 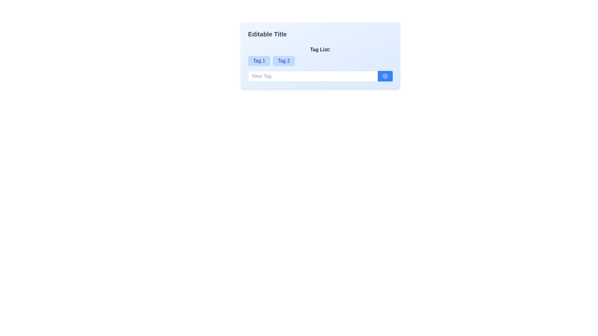 I want to click on the 'Tag List:' text label element, which is a bold dark grey text on a light blue background, positioned at the top-middle section of the interface, so click(x=320, y=51).